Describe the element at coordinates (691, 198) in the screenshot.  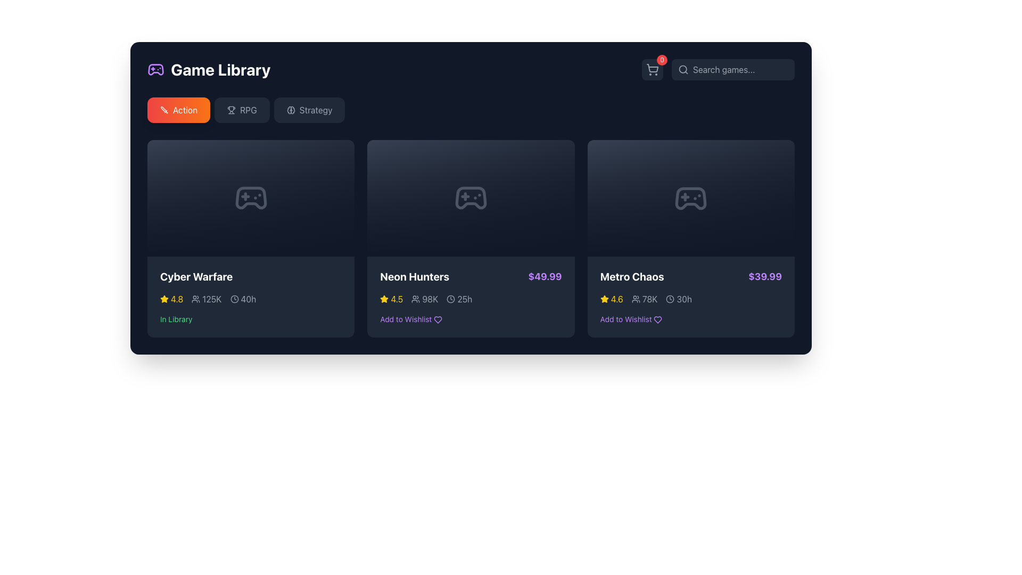
I see `the graphical thumbnail representing the game title 'Metro Chaos' in the upper half of the card located in the third column of the browse section to interact with overlay effects` at that location.